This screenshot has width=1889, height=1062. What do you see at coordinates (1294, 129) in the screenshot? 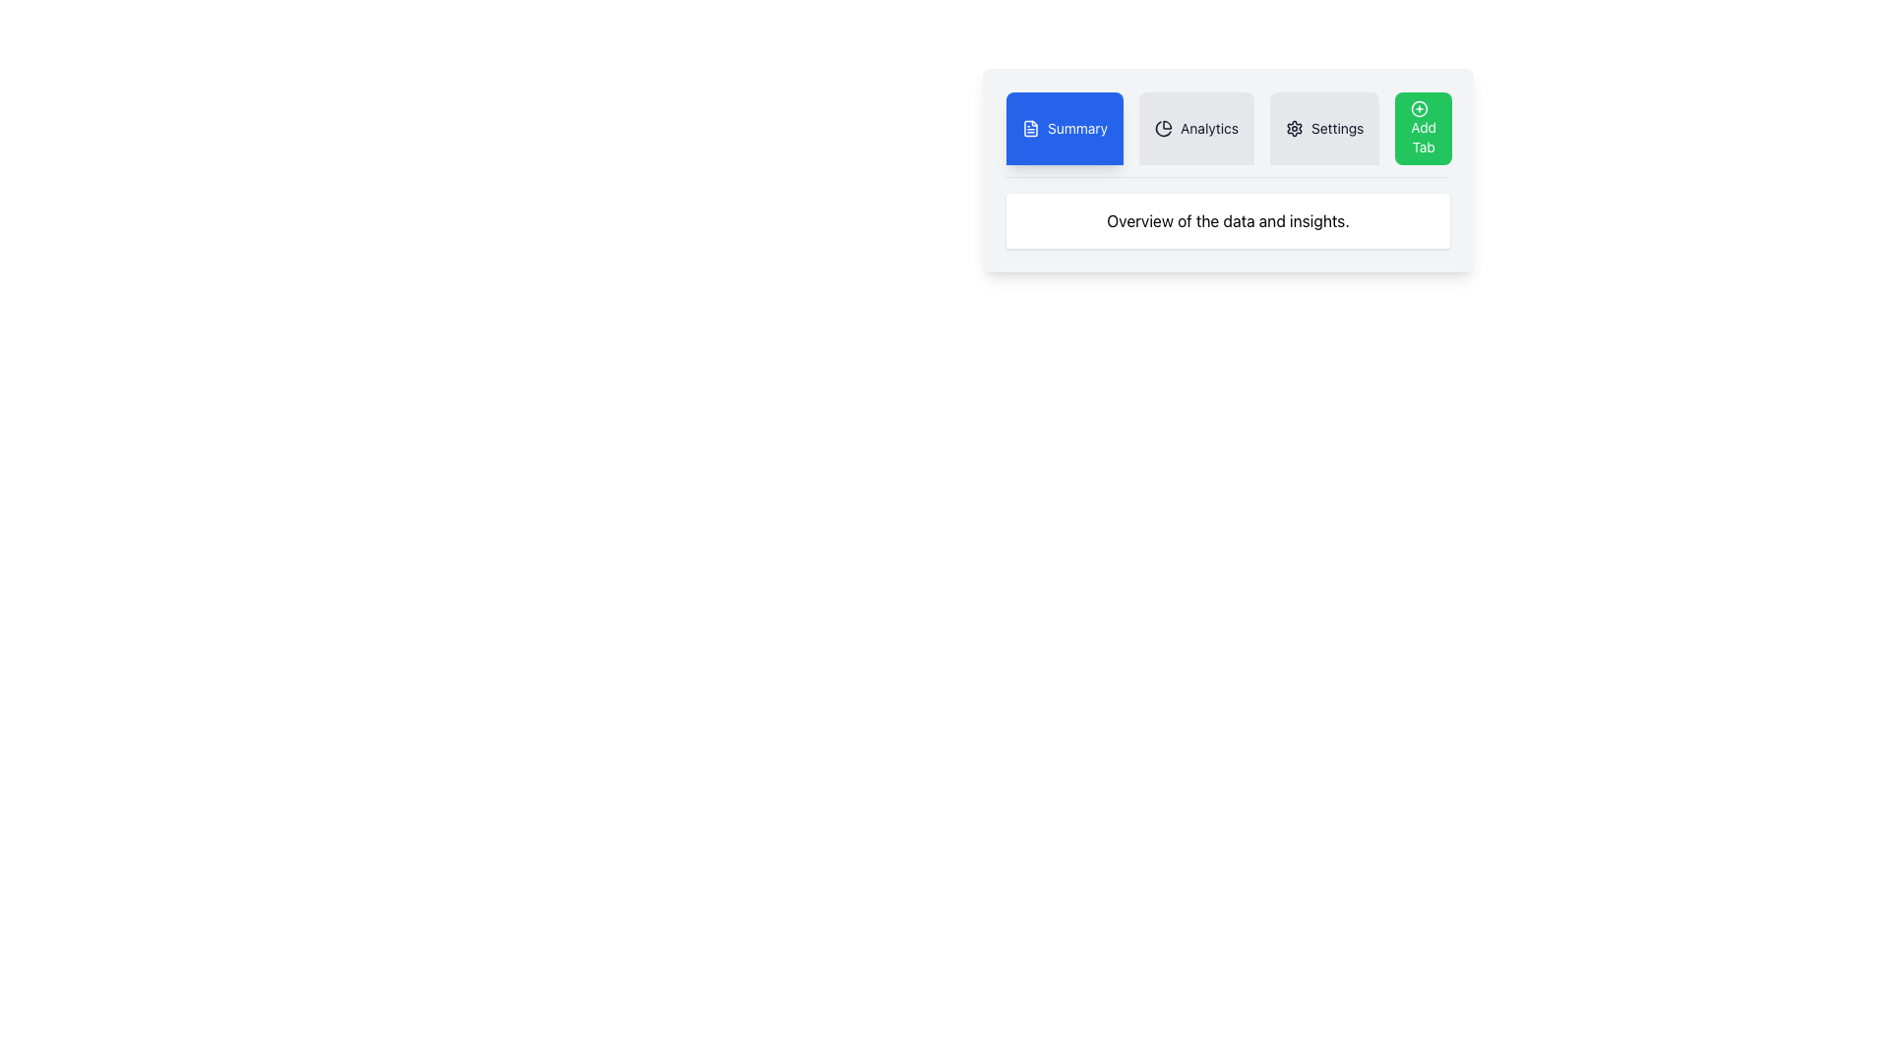
I see `the cogwheel icon located on the far-right section of the toolbar` at bounding box center [1294, 129].